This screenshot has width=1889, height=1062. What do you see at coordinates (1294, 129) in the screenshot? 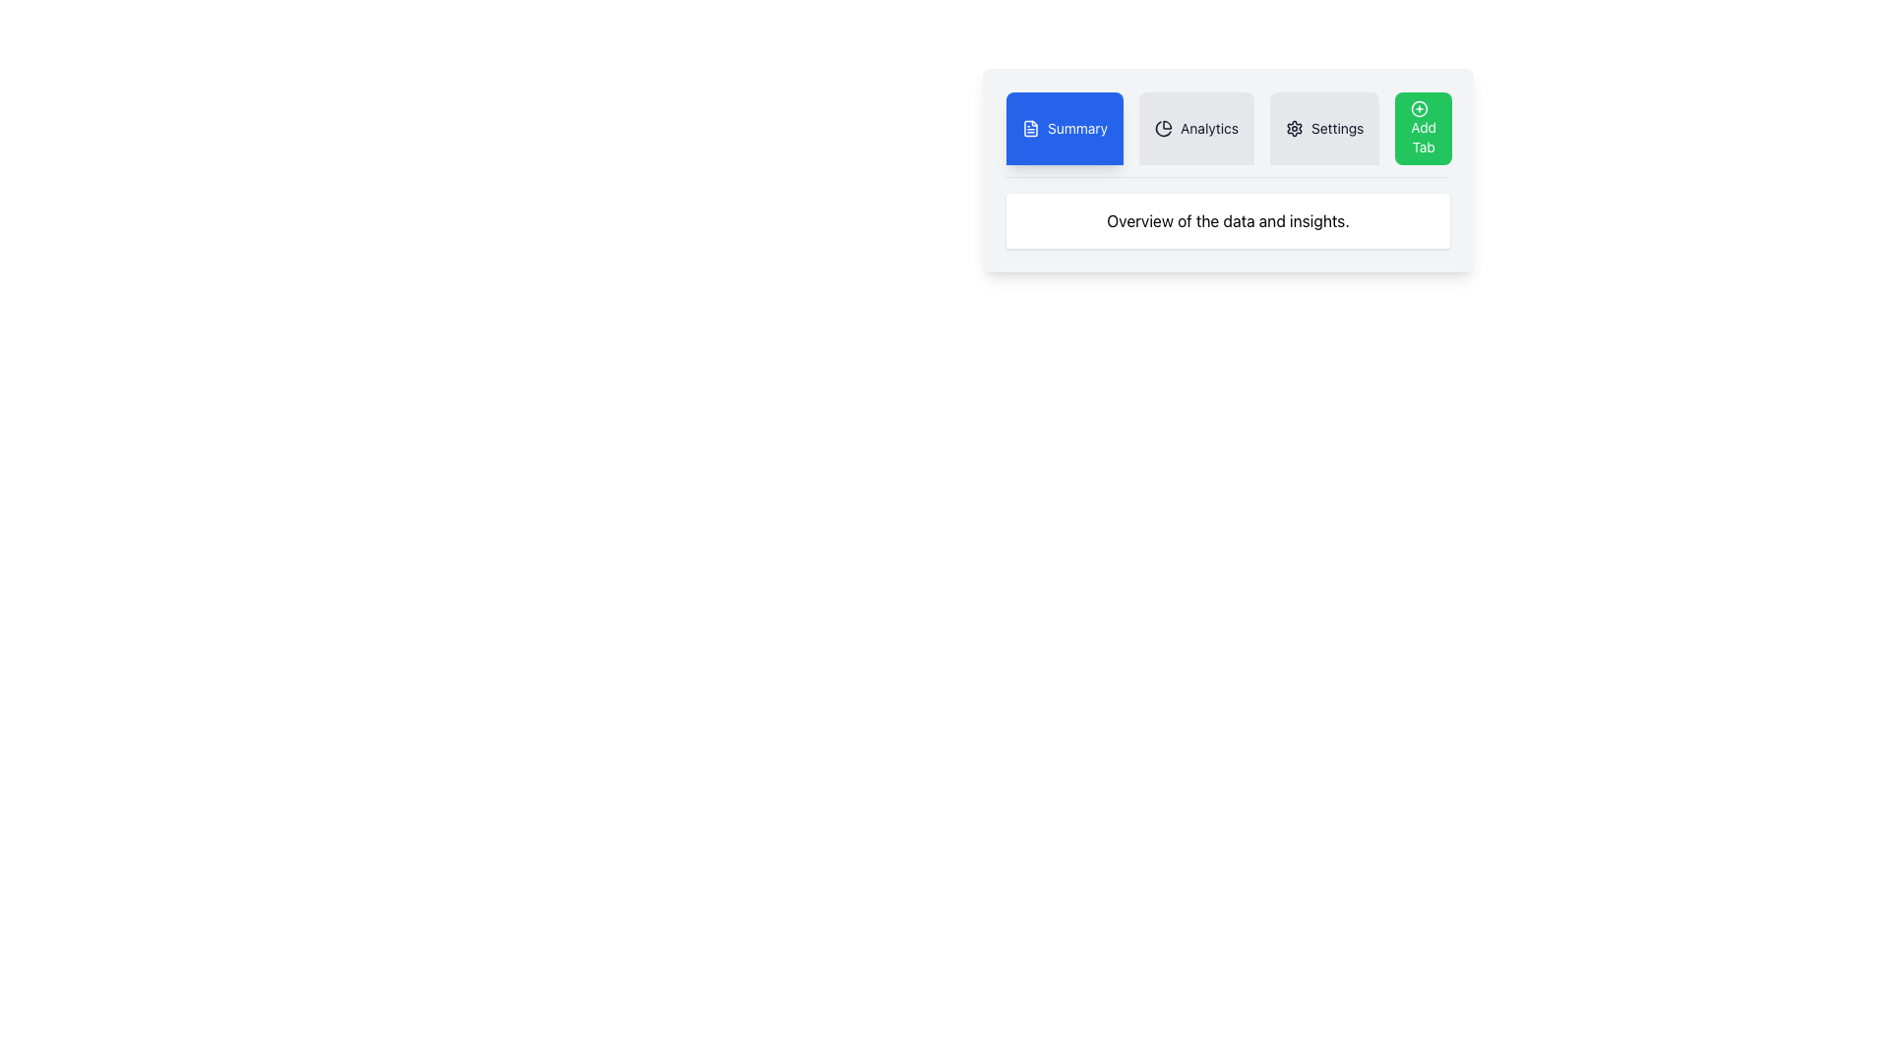
I see `the cogwheel icon located on the far-right section of the toolbar` at bounding box center [1294, 129].